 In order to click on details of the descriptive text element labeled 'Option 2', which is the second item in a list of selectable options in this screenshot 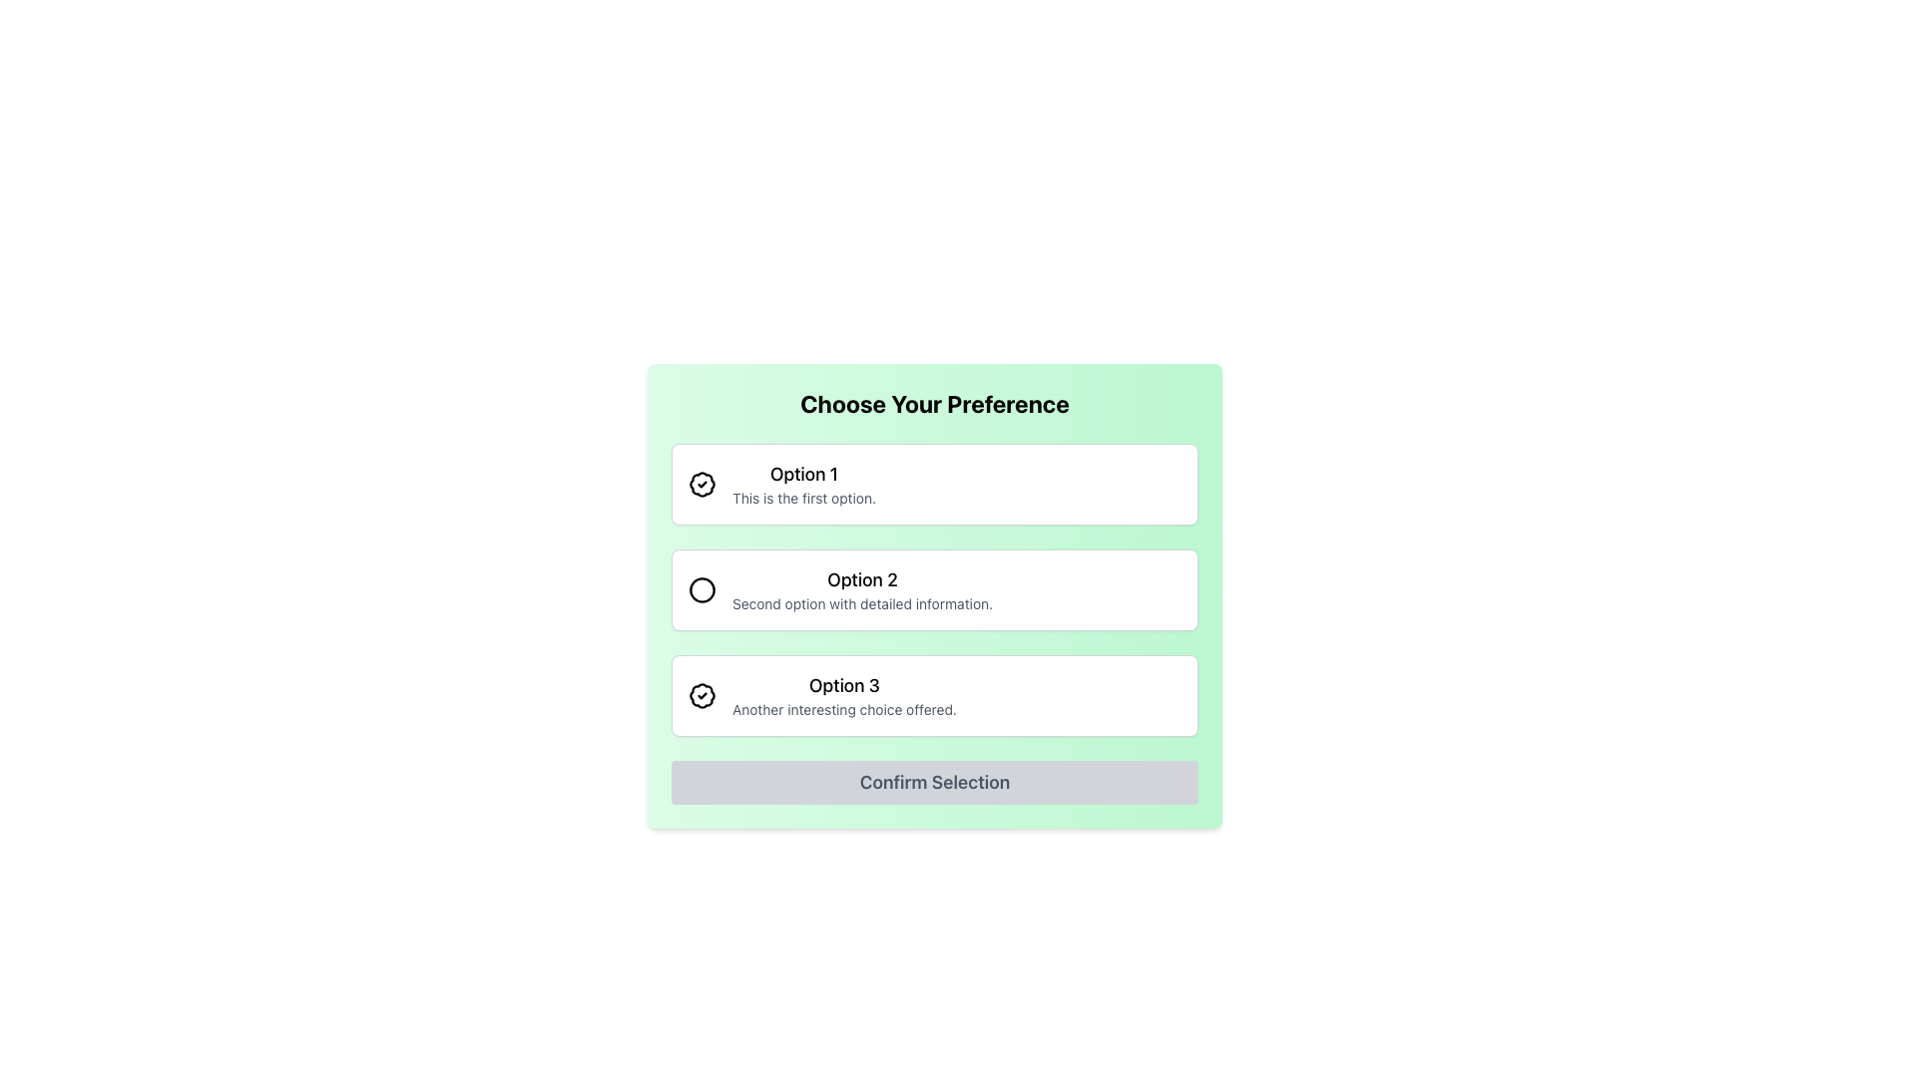, I will do `click(862, 588)`.